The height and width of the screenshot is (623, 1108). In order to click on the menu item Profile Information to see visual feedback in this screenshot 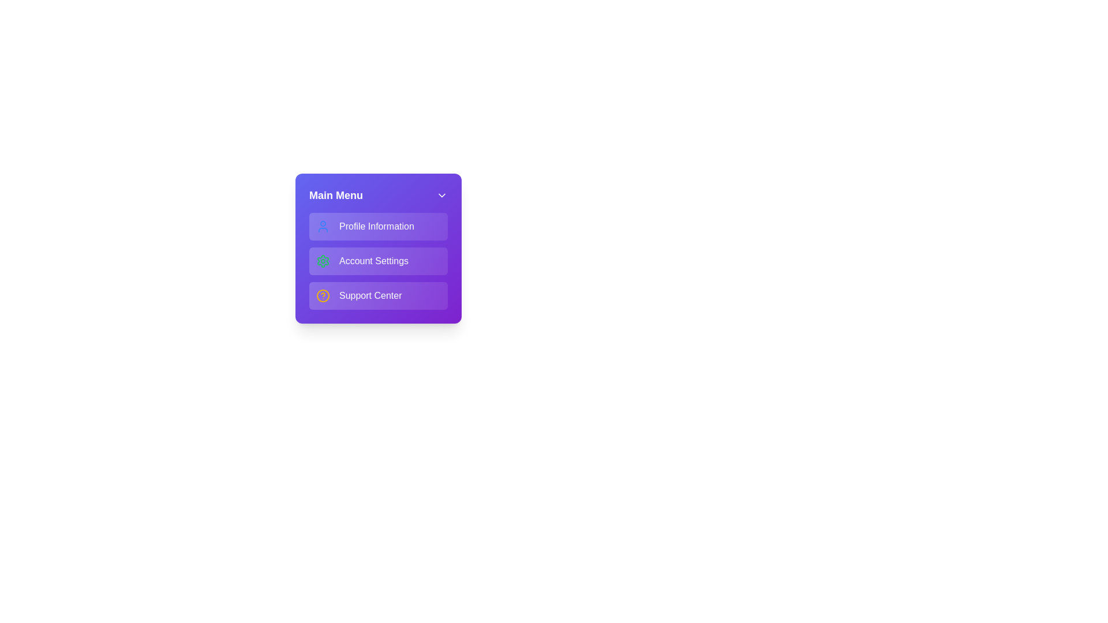, I will do `click(379, 227)`.